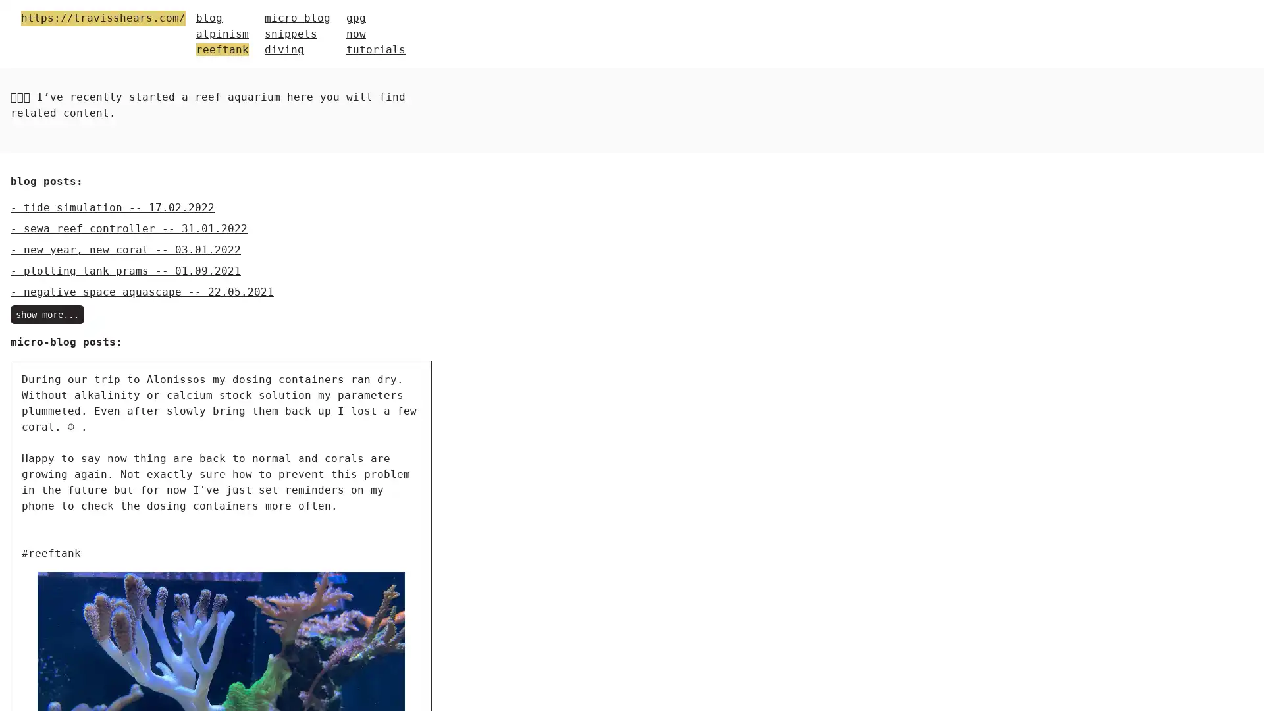  Describe the element at coordinates (47, 315) in the screenshot. I see `show more...` at that location.